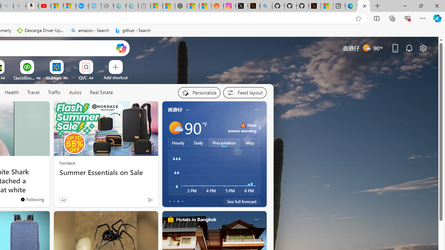 This screenshot has width=445, height=250. What do you see at coordinates (182, 201) in the screenshot?
I see `'tab-3'` at bounding box center [182, 201].